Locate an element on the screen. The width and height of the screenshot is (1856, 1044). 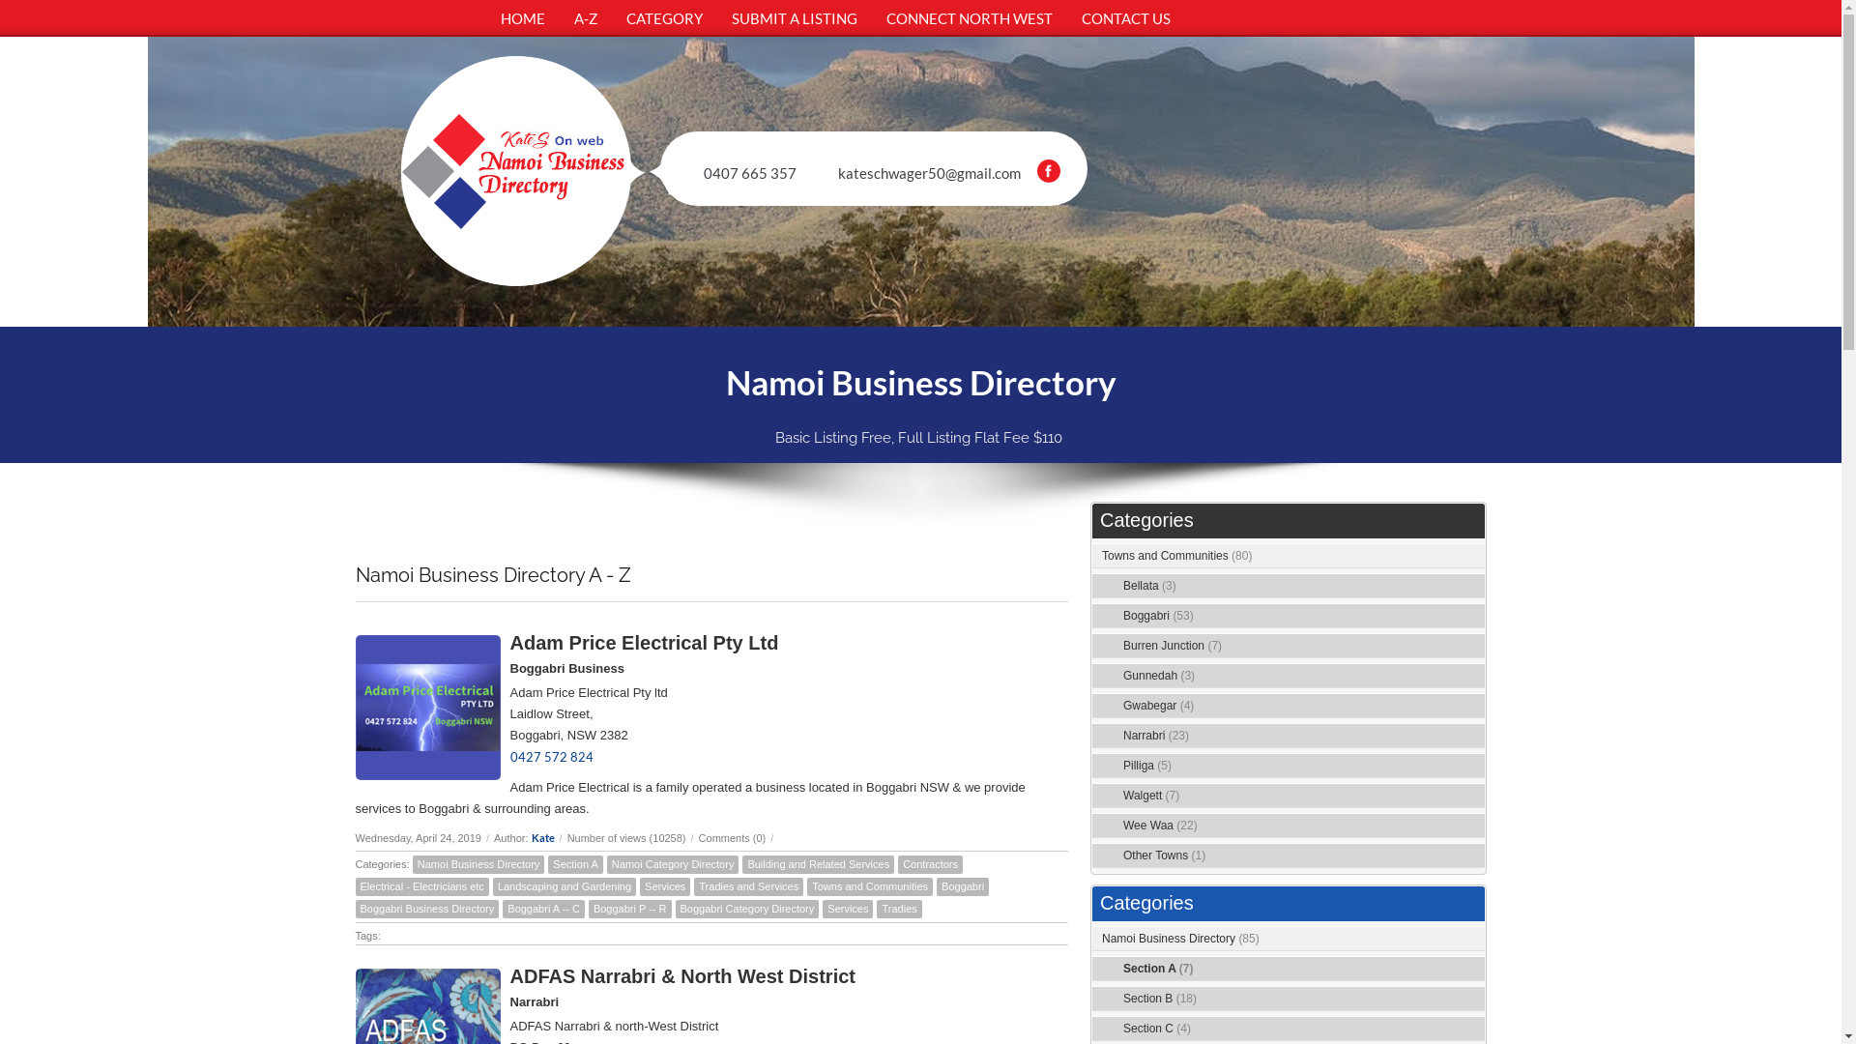
'Boggabri Business Directory' is located at coordinates (426, 909).